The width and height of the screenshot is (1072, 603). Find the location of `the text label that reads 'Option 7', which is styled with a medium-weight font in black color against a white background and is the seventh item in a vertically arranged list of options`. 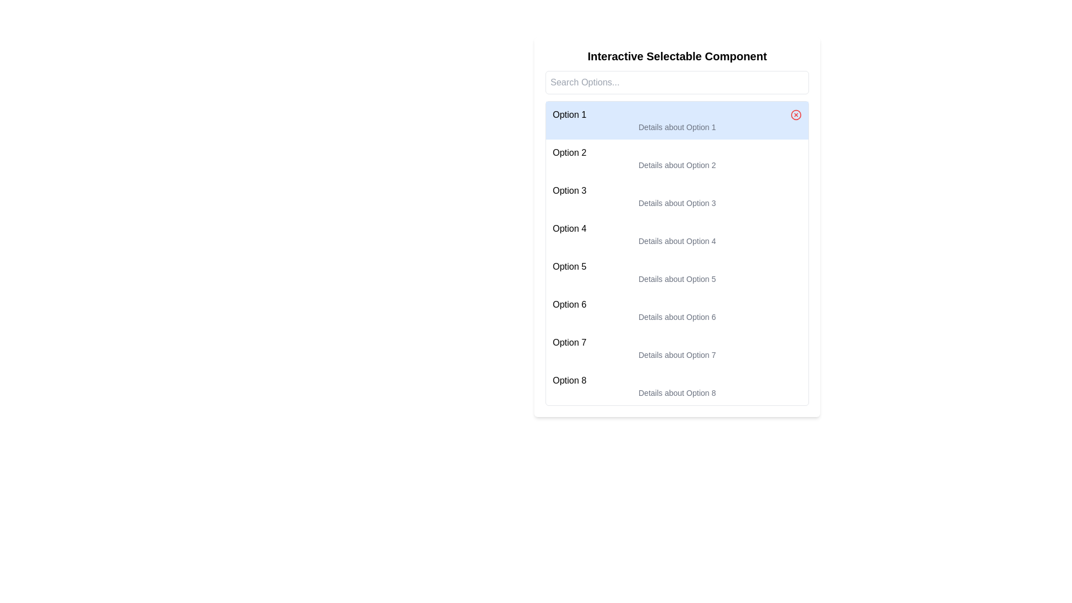

the text label that reads 'Option 7', which is styled with a medium-weight font in black color against a white background and is the seventh item in a vertically arranged list of options is located at coordinates (569, 342).